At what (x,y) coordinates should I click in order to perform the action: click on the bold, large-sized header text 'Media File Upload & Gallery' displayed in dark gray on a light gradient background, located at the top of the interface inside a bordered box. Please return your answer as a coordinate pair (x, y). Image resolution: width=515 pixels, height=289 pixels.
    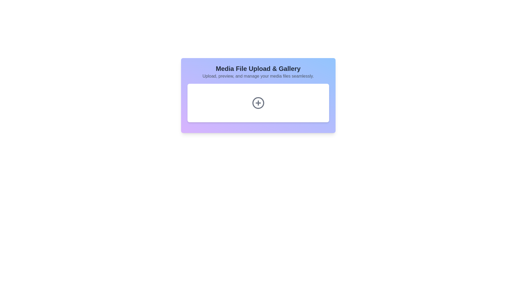
    Looking at the image, I should click on (258, 69).